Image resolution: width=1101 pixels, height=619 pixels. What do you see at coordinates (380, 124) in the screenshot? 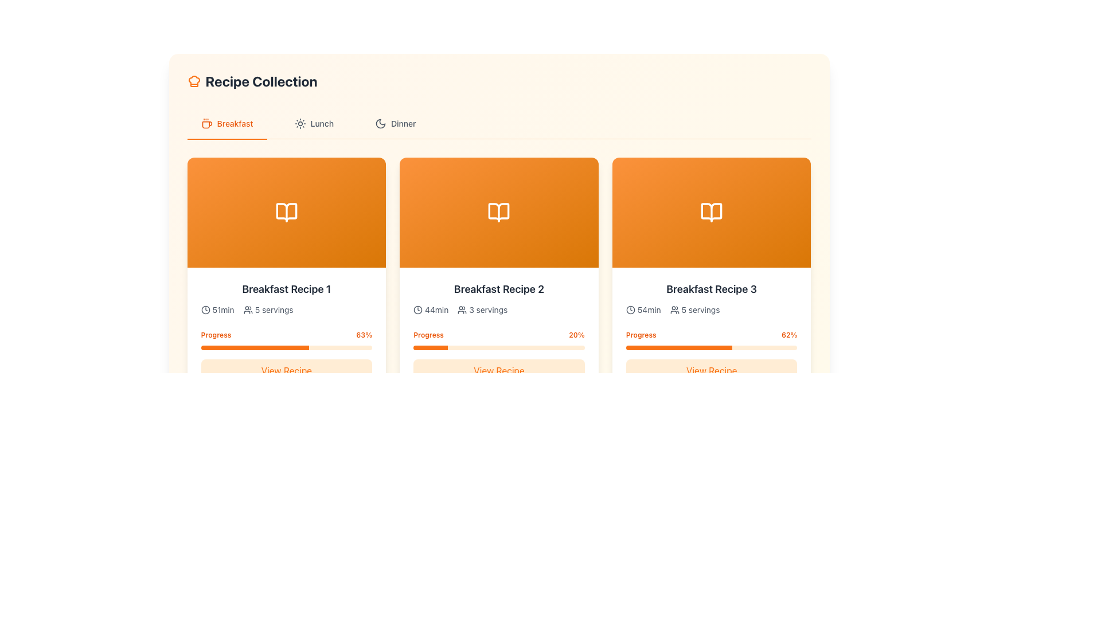
I see `the small crescent moon icon located to the left of the 'Dinner' text in the interactive menu bar` at bounding box center [380, 124].